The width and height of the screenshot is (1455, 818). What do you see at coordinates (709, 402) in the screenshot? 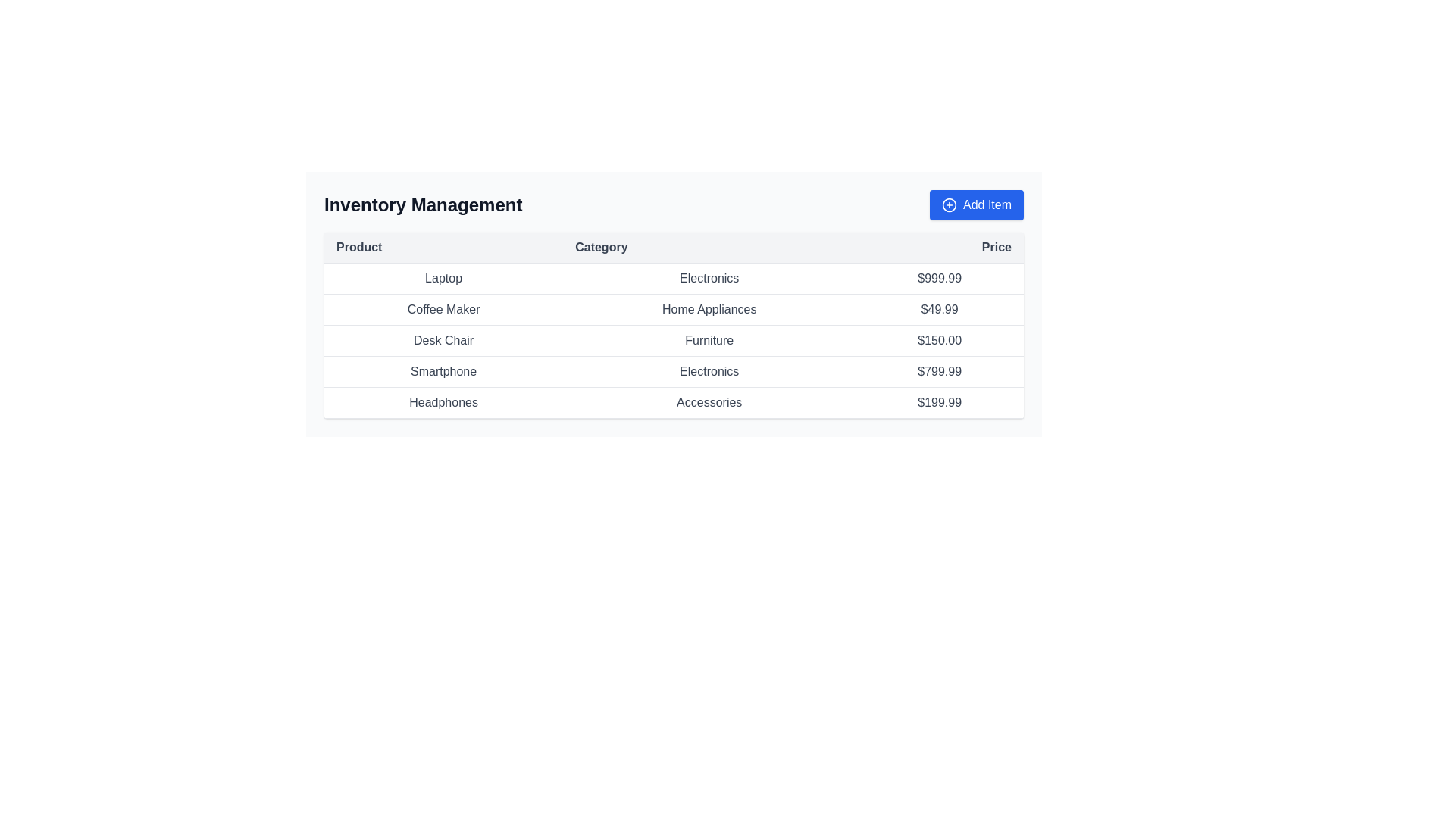
I see `displayed text of the 'Accessories' label located in the 'Category' column of the product entry for 'Headphones'` at bounding box center [709, 402].